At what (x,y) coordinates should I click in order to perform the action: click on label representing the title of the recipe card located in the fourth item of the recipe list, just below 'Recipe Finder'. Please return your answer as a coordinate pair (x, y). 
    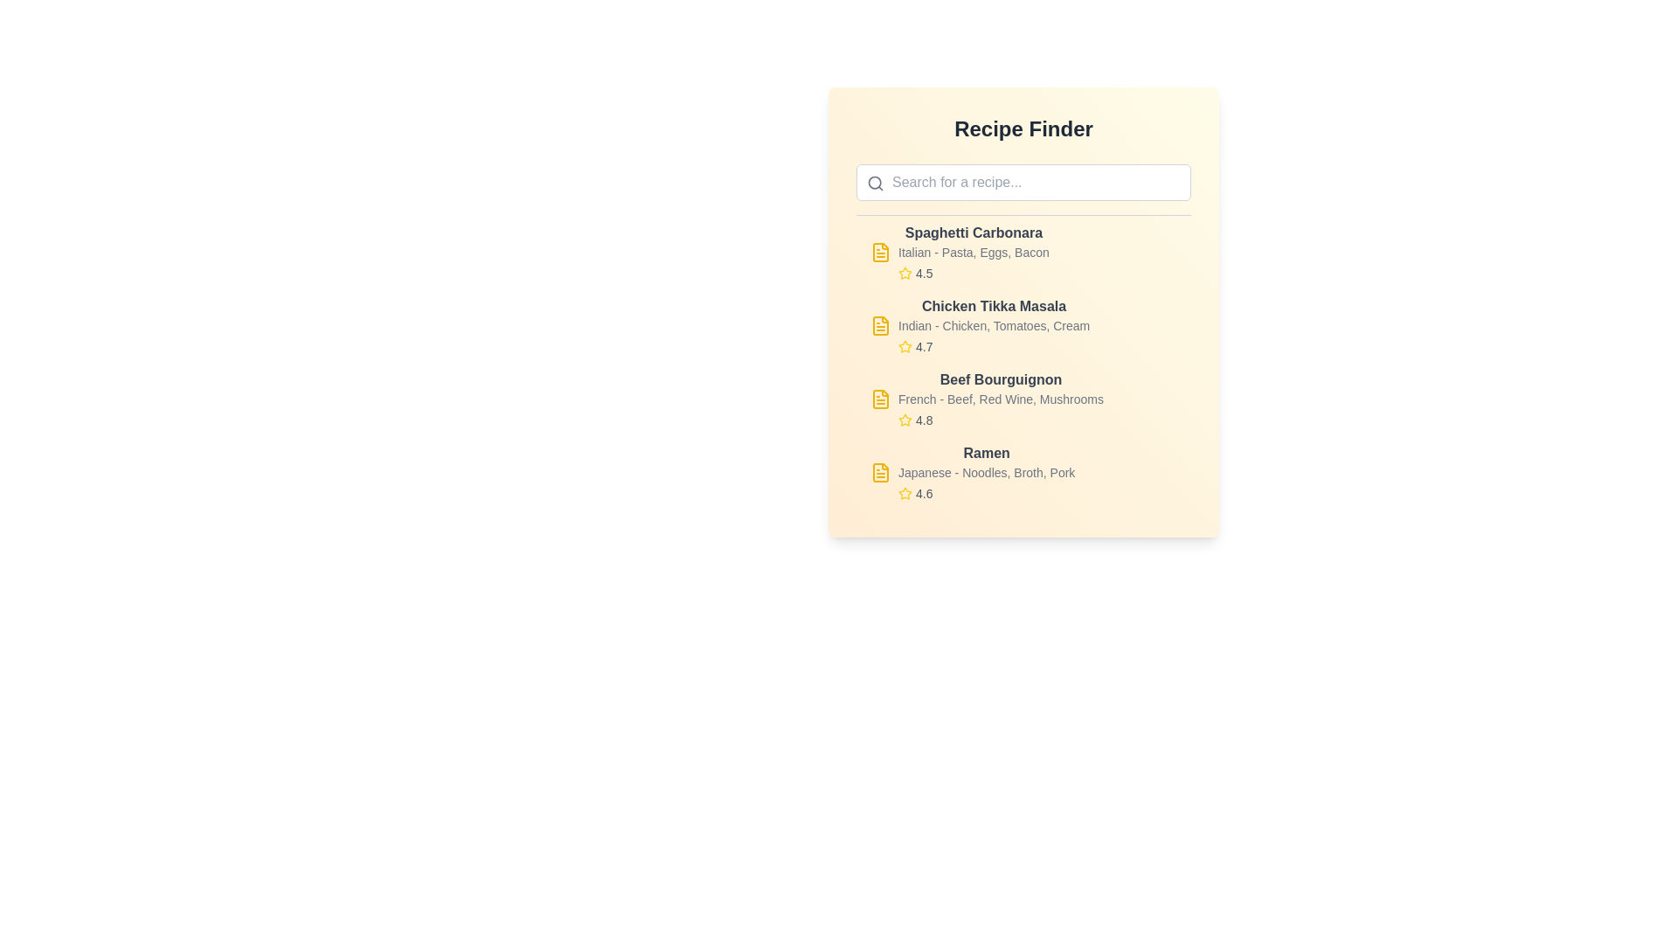
    Looking at the image, I should click on (987, 453).